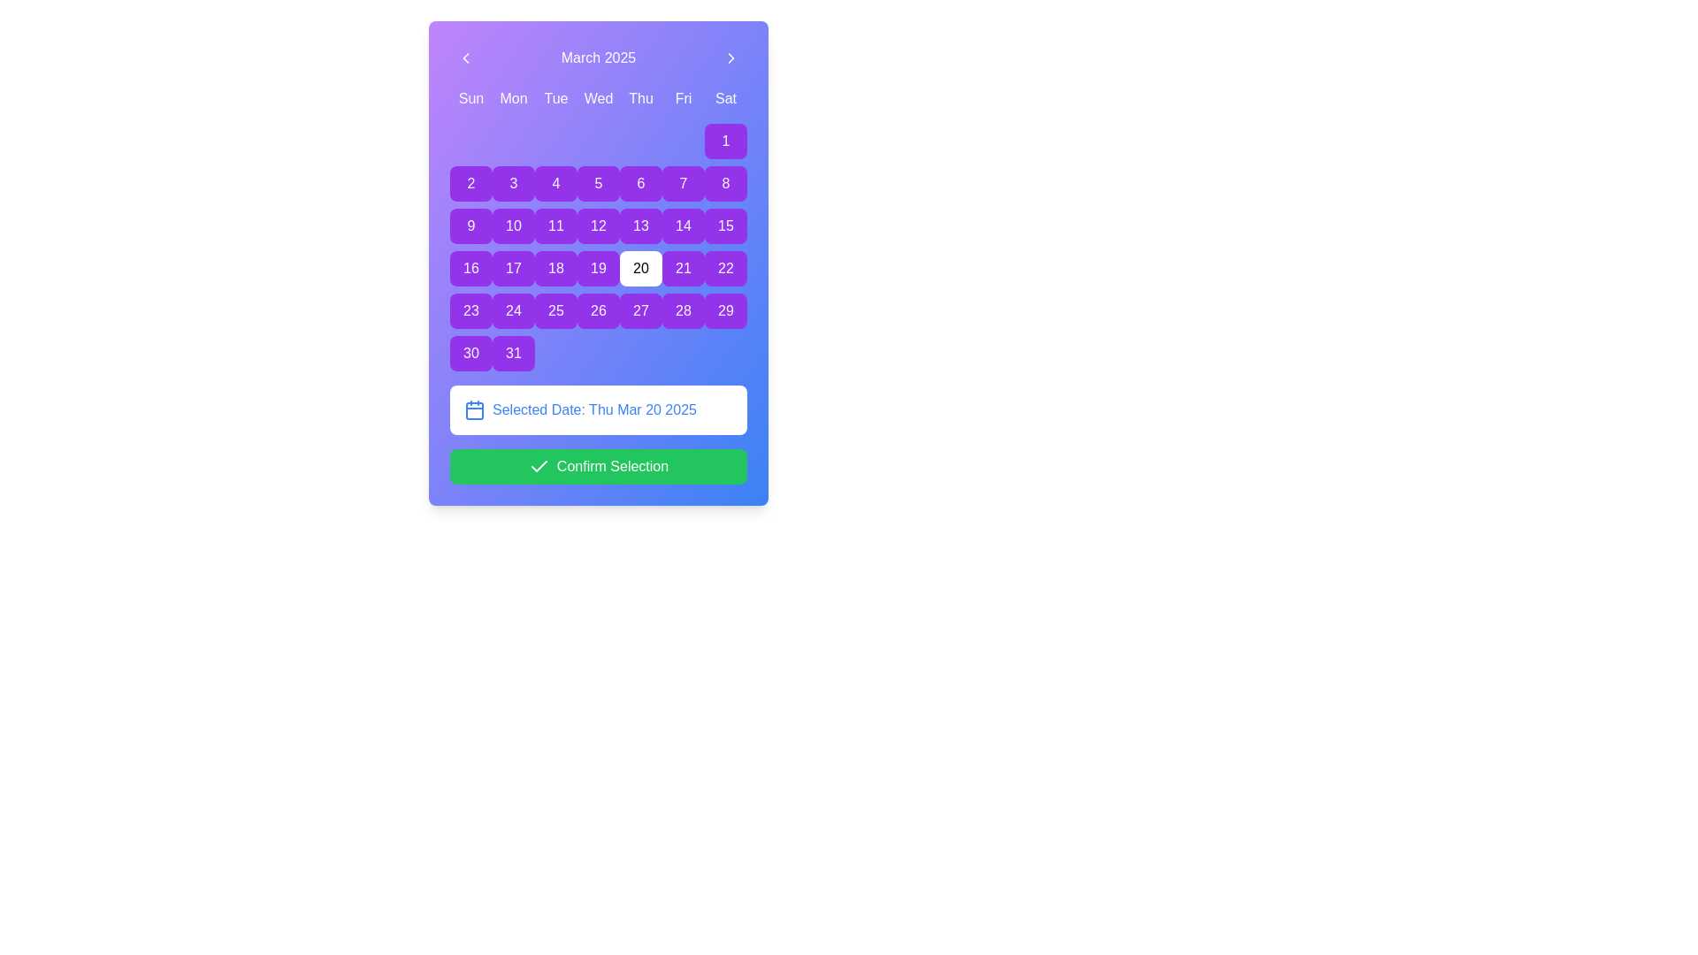  I want to click on the 'Confirm Selection' button that contains the small checkmark icon, which is styled in white against a green background, so click(538, 466).